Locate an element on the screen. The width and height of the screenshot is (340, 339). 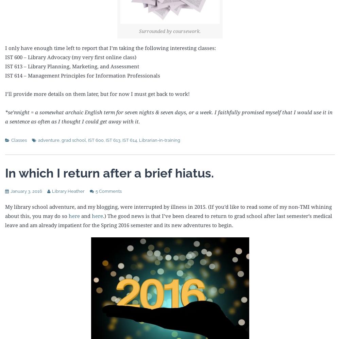
'*se’nnight = a somewhat archaic English term for seven nights & seven days, or a week. I faithfully promised myself that I would use it in a sentence as often as I thought I could get away with it.' is located at coordinates (168, 116).